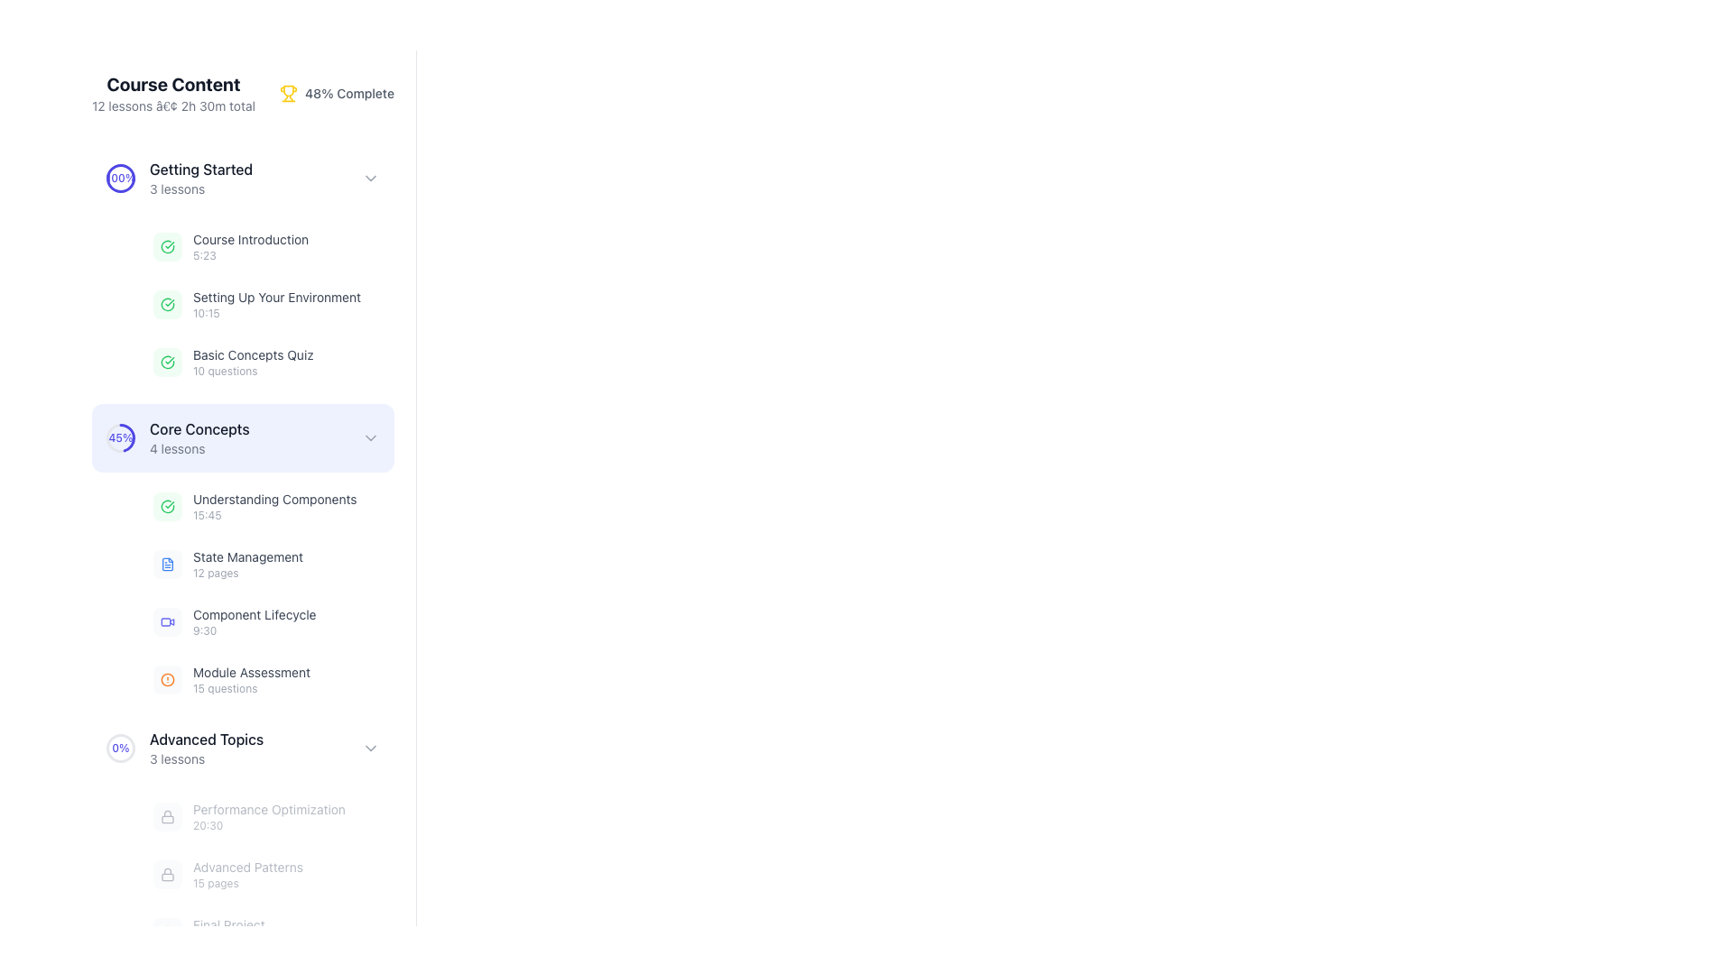 The width and height of the screenshot is (1733, 974). Describe the element at coordinates (168, 563) in the screenshot. I see `the blue square icon depicting a document representing the 'State Management' module in the 'Core Concepts' section, located at the top-left of the sidebar` at that location.